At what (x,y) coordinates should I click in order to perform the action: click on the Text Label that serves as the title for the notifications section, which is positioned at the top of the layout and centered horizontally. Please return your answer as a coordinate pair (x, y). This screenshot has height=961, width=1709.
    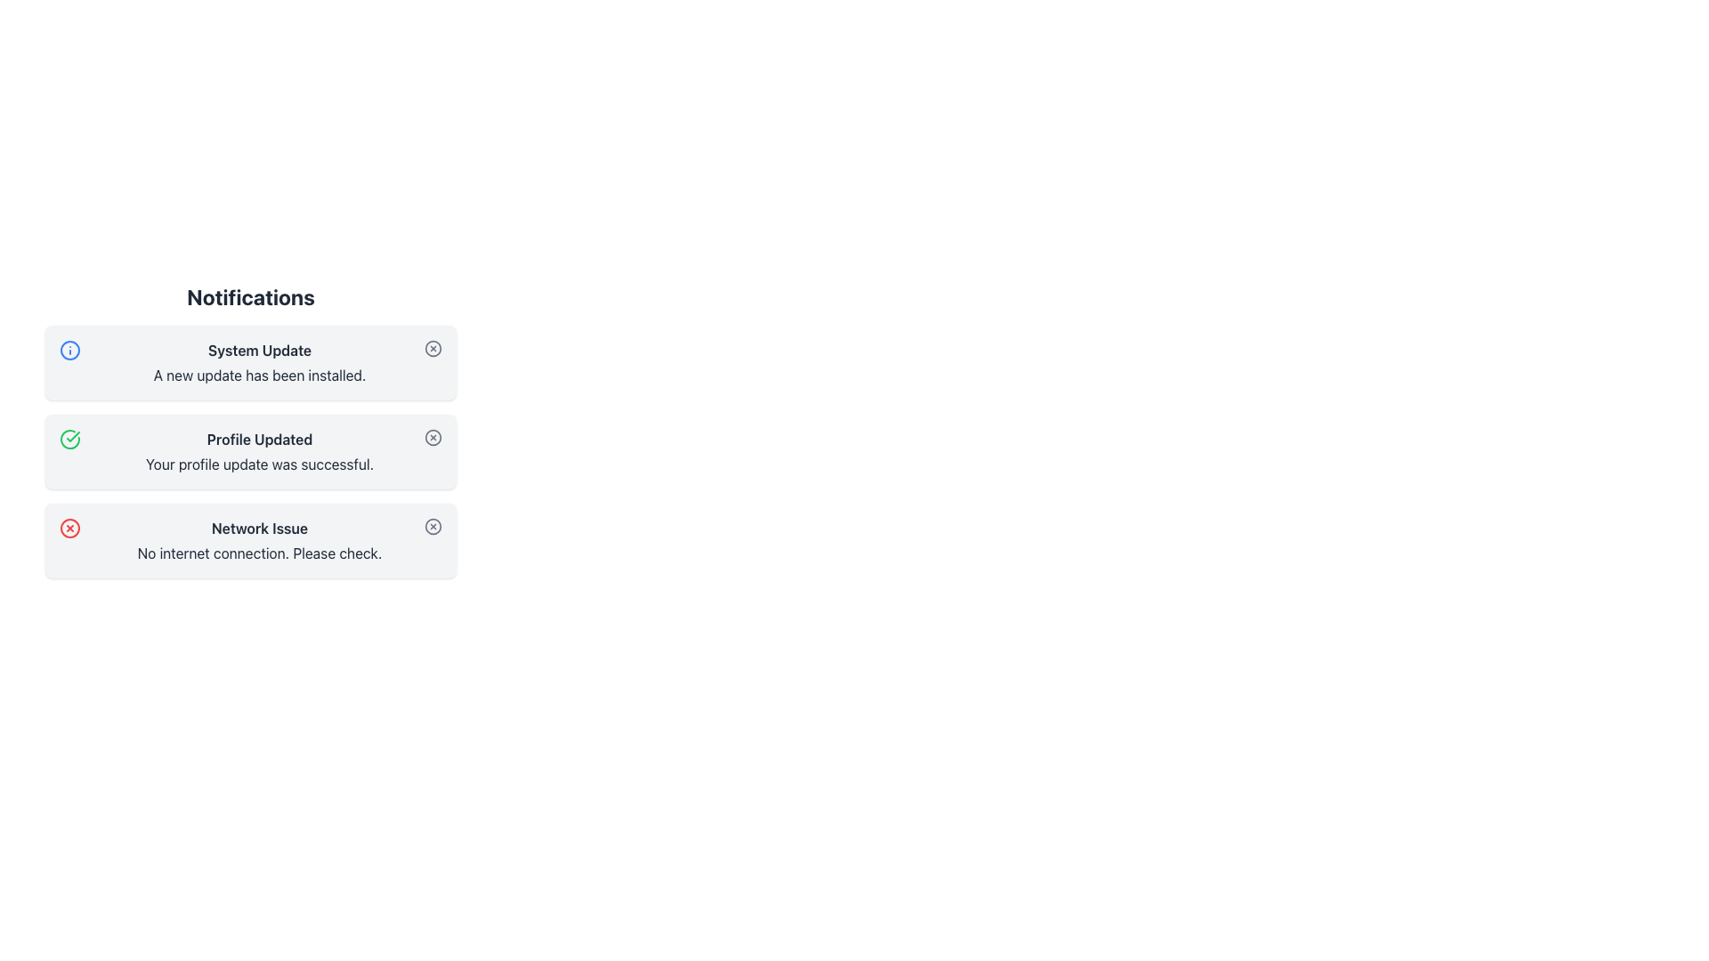
    Looking at the image, I should click on (250, 296).